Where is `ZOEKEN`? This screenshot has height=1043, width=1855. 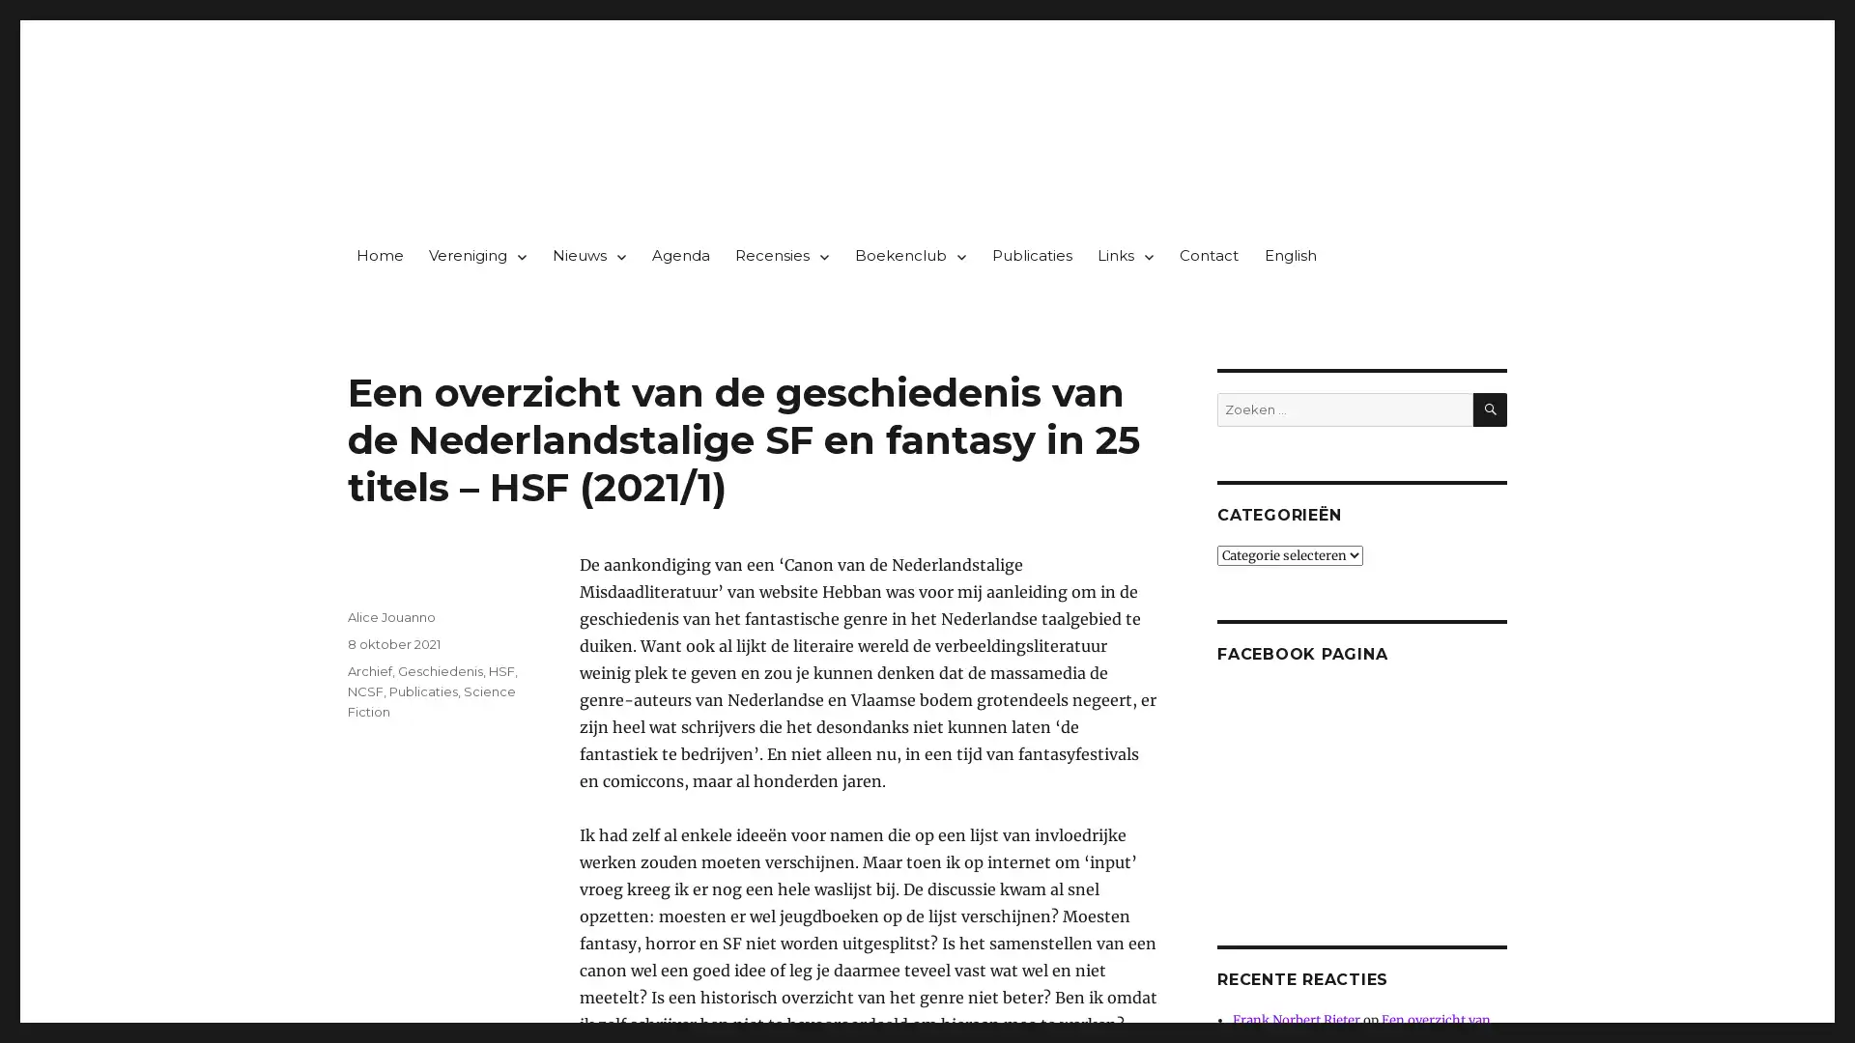 ZOEKEN is located at coordinates (1489, 409).